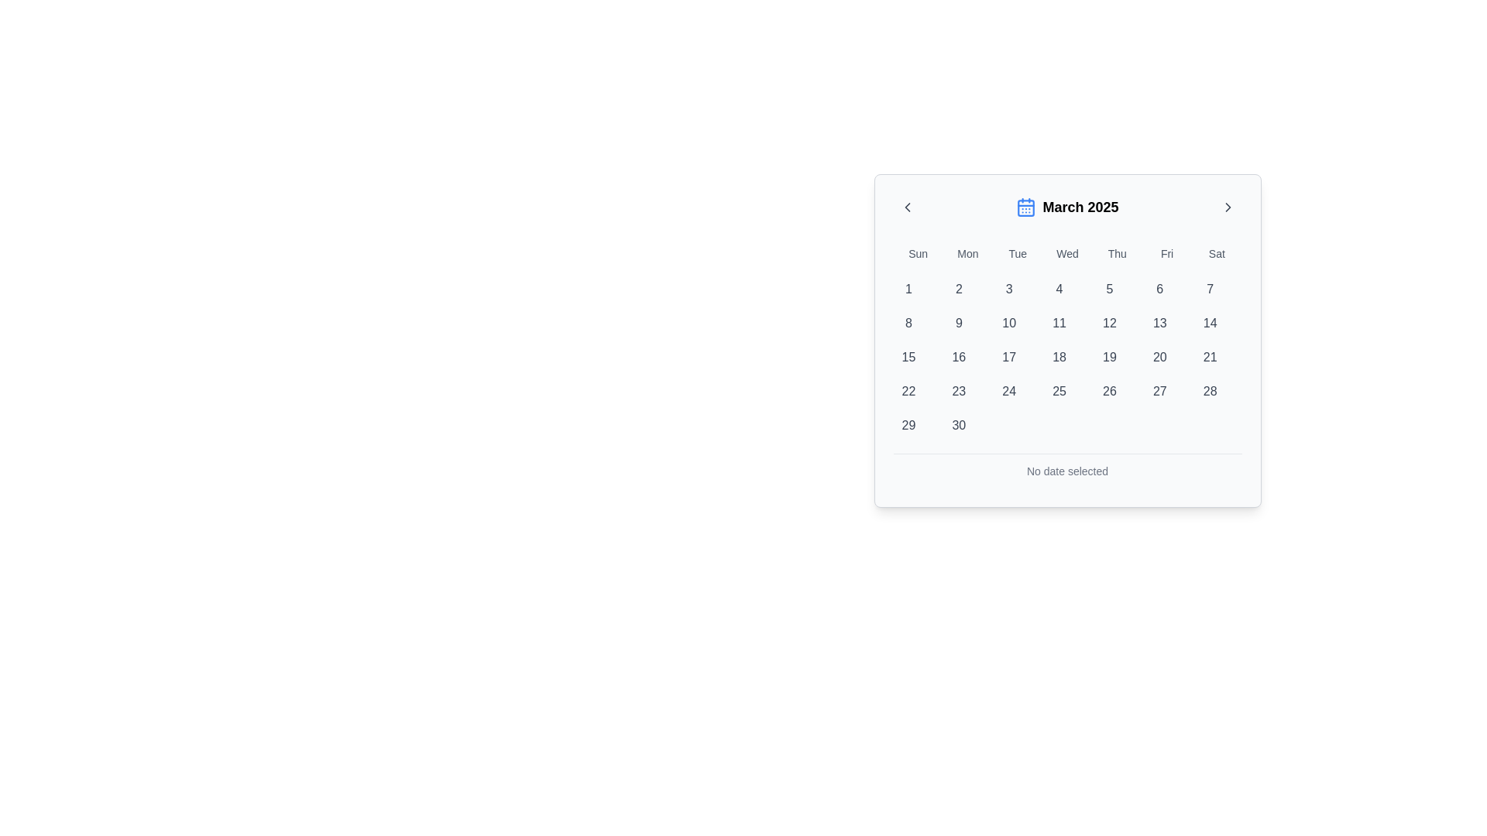 The image size is (1487, 836). Describe the element at coordinates (1108, 290) in the screenshot. I see `the circular button displaying the number '5' in the calendar grid layout` at that location.